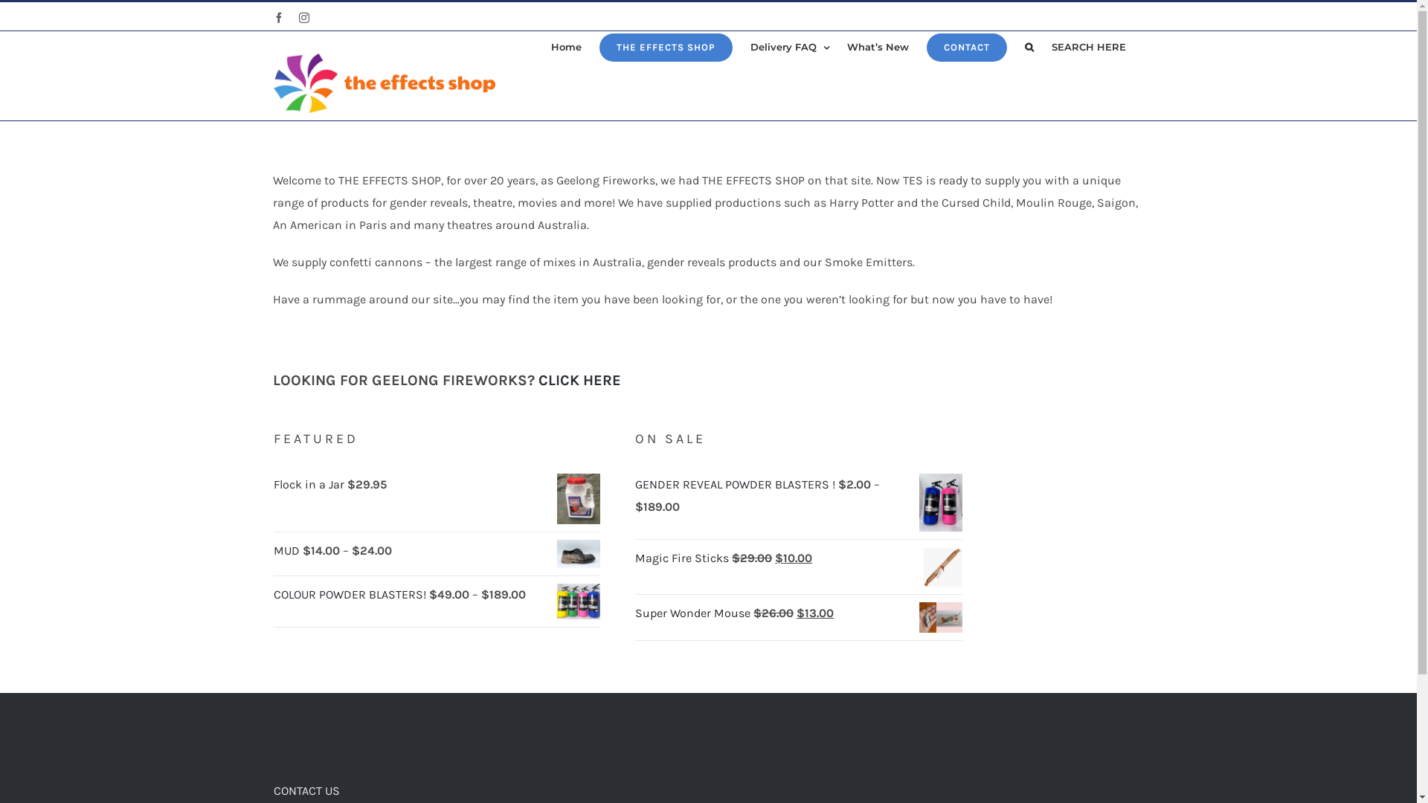  Describe the element at coordinates (750, 46) in the screenshot. I see `'Delivery FAQ'` at that location.